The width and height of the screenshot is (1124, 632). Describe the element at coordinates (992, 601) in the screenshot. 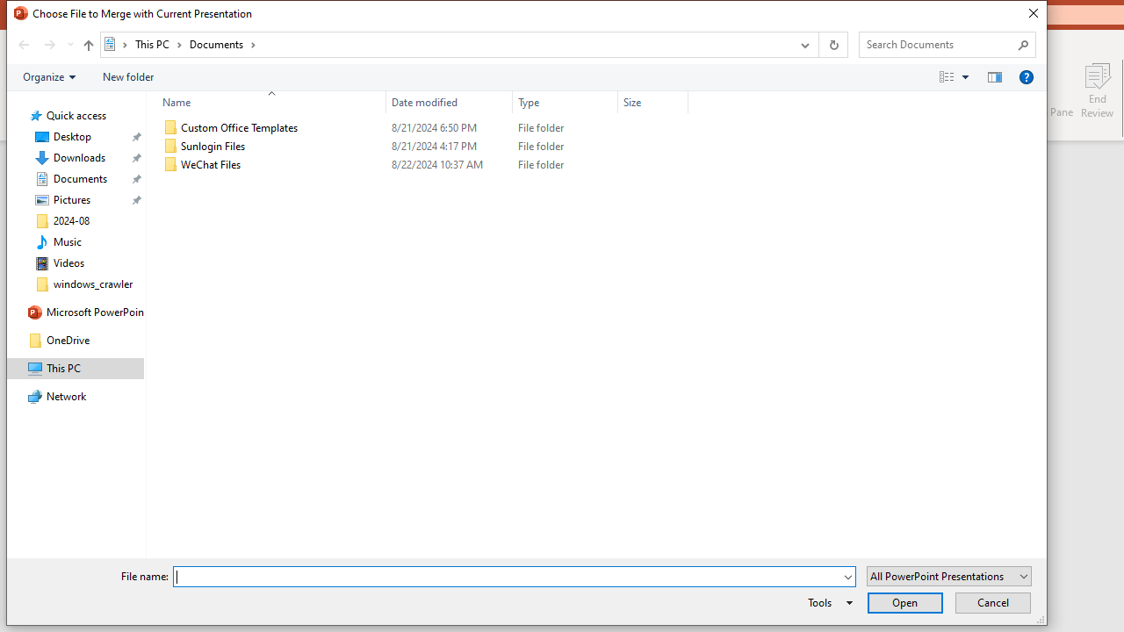

I see `'Cancel'` at that location.